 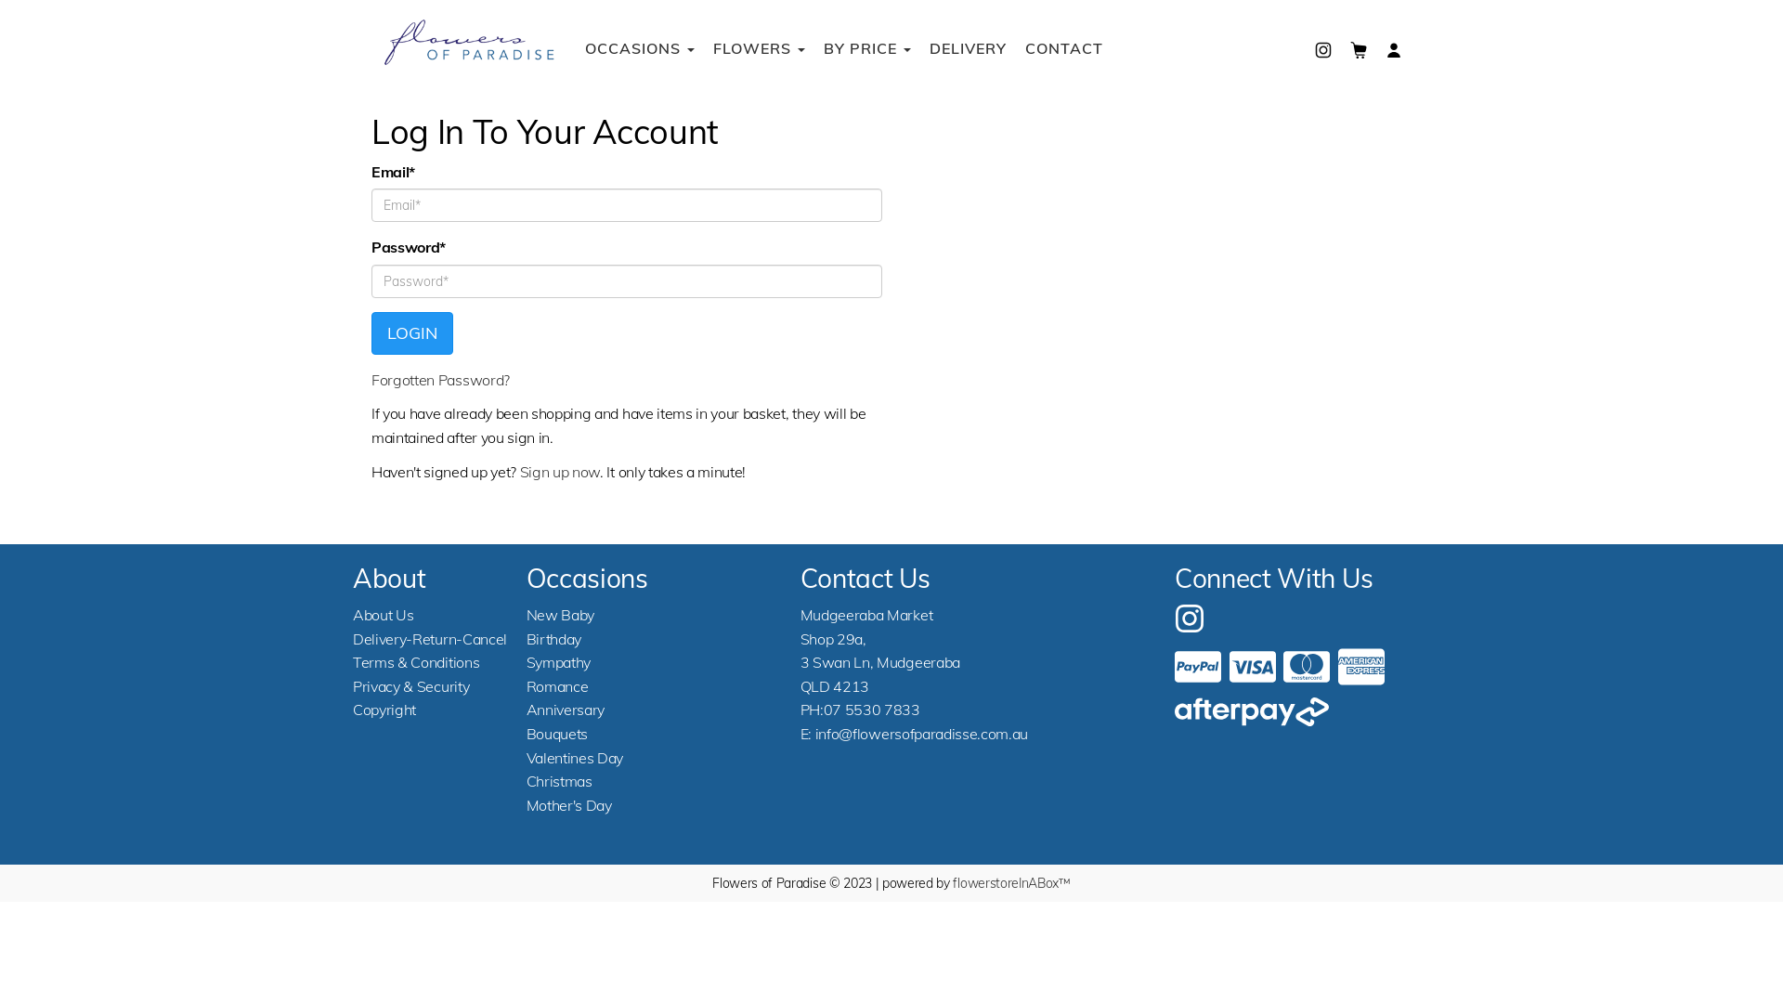 I want to click on 'BY PRICE', so click(x=866, y=46).